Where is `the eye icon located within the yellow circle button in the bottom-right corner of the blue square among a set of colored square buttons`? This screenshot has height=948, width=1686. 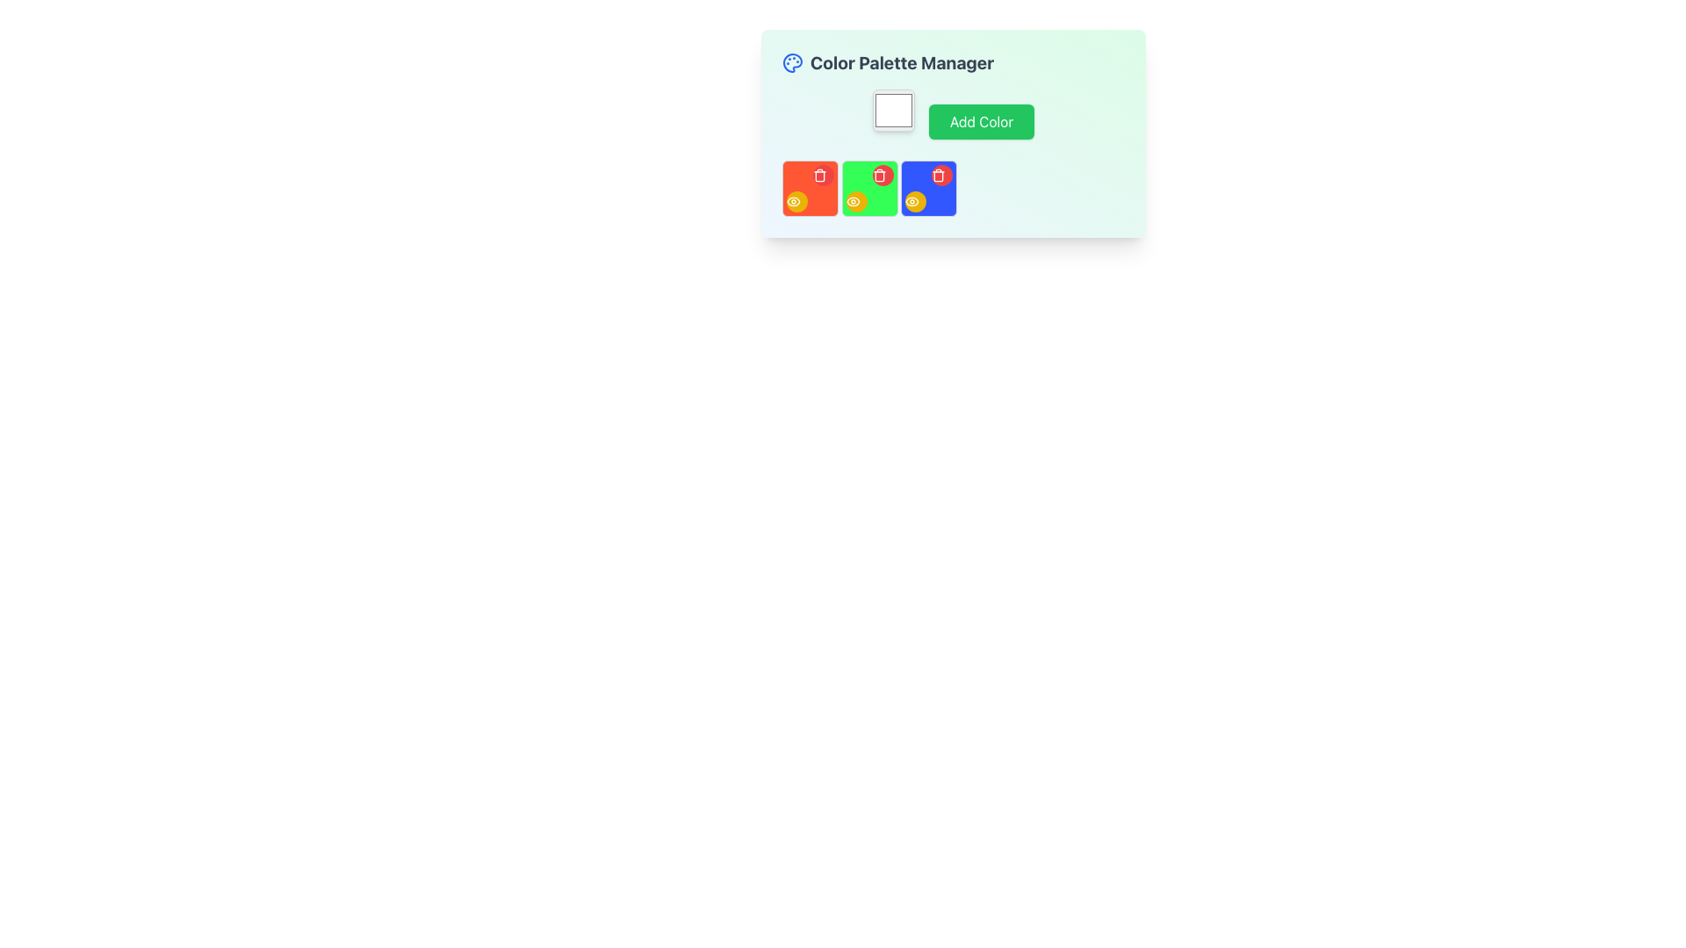
the eye icon located within the yellow circle button in the bottom-right corner of the blue square among a set of colored square buttons is located at coordinates (911, 201).